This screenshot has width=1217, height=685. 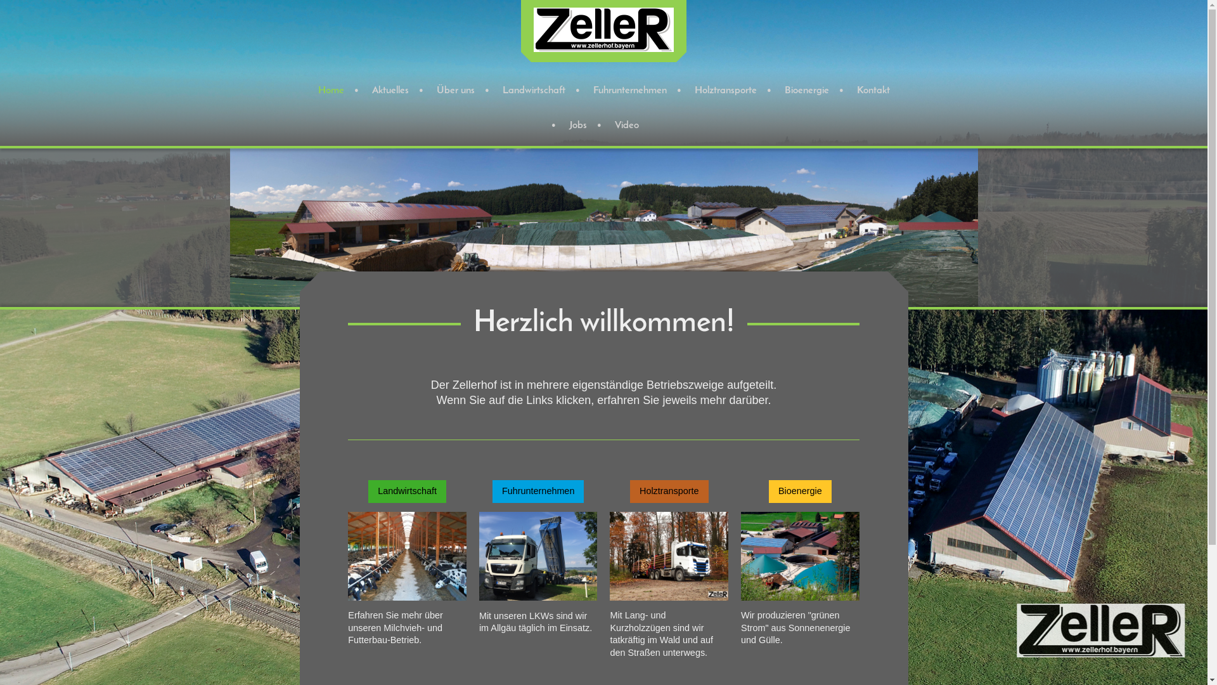 I want to click on 'Landwirtschaft', so click(x=407, y=490).